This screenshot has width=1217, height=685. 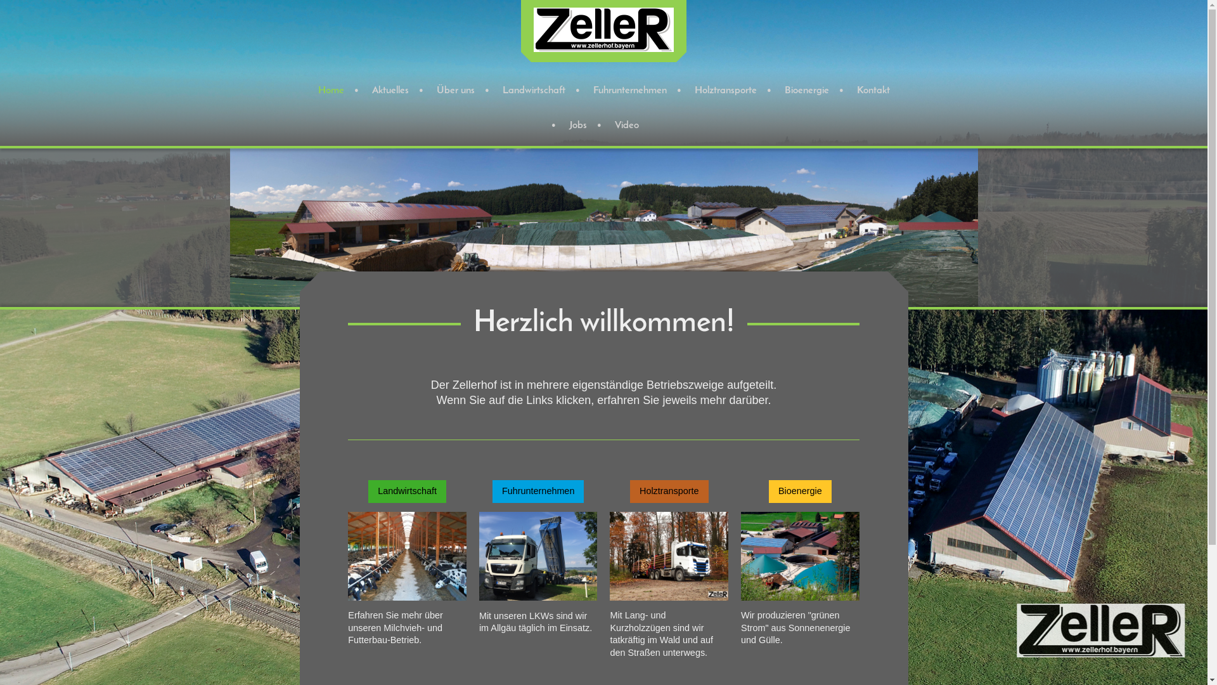 I want to click on 'Landwirtschaft', so click(x=407, y=490).